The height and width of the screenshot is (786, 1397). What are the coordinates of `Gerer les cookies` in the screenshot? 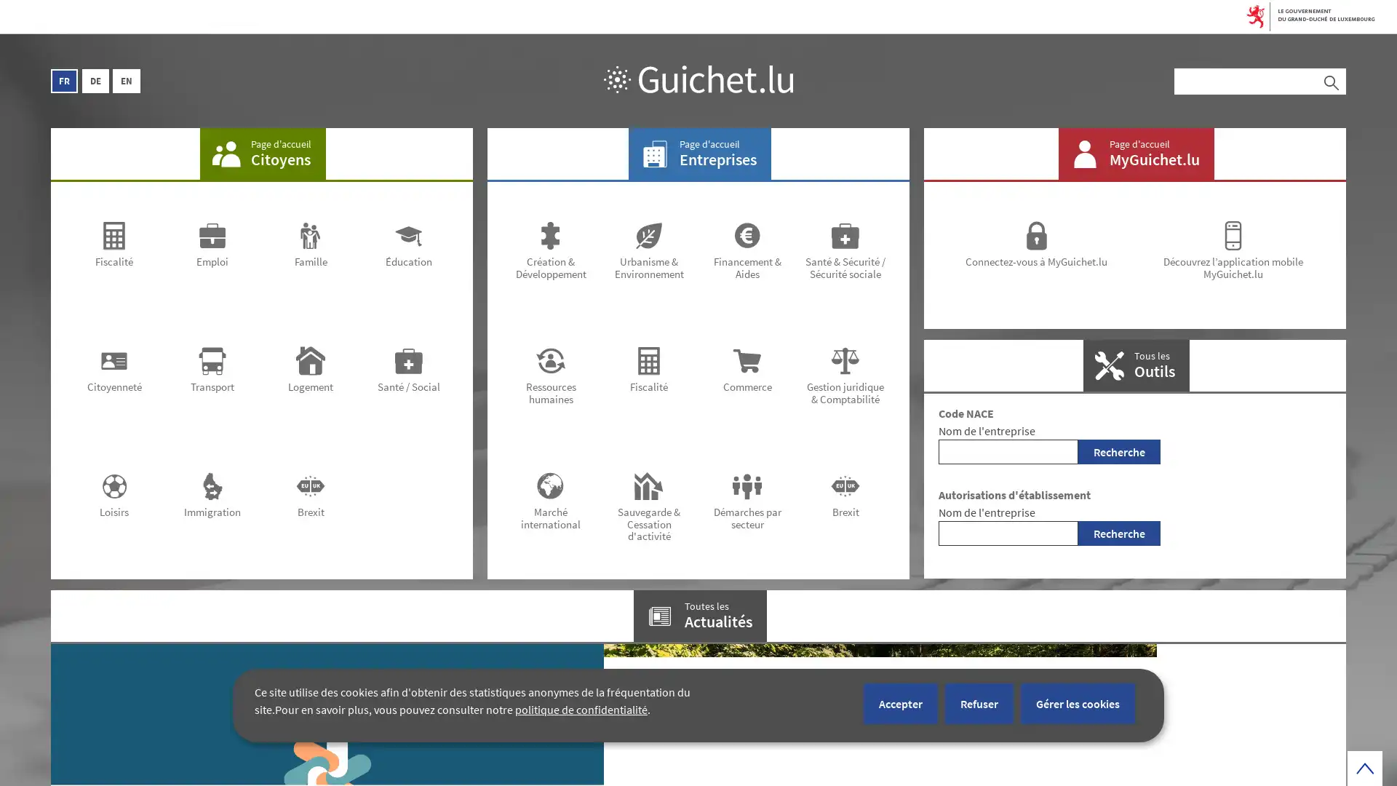 It's located at (1078, 703).